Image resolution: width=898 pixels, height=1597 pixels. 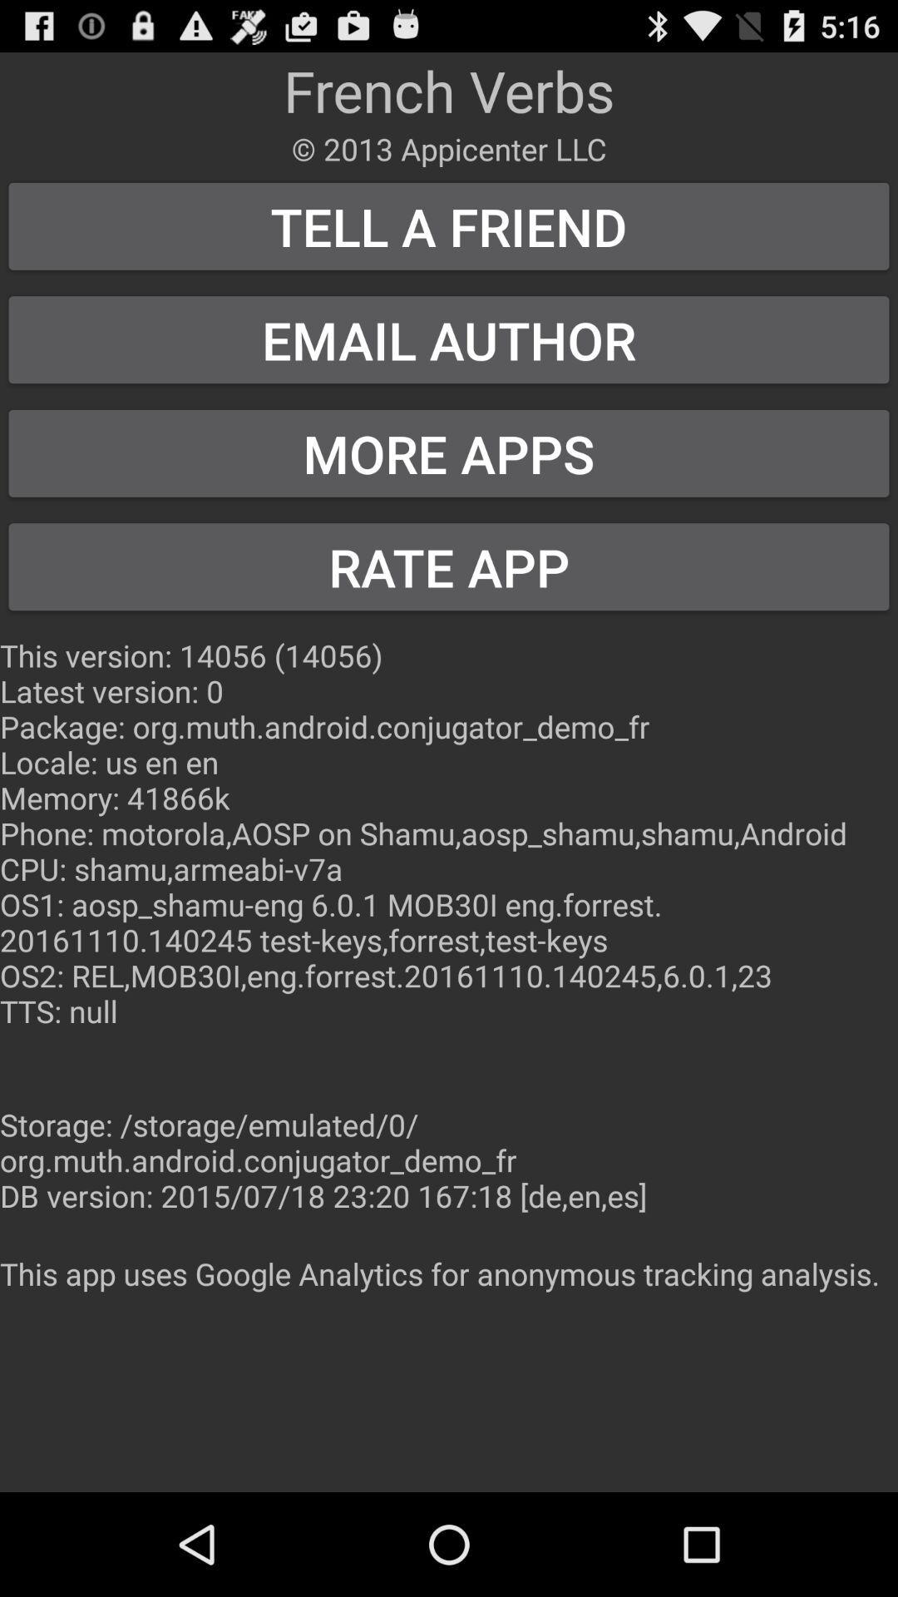 I want to click on the button above the rate app button, so click(x=449, y=453).